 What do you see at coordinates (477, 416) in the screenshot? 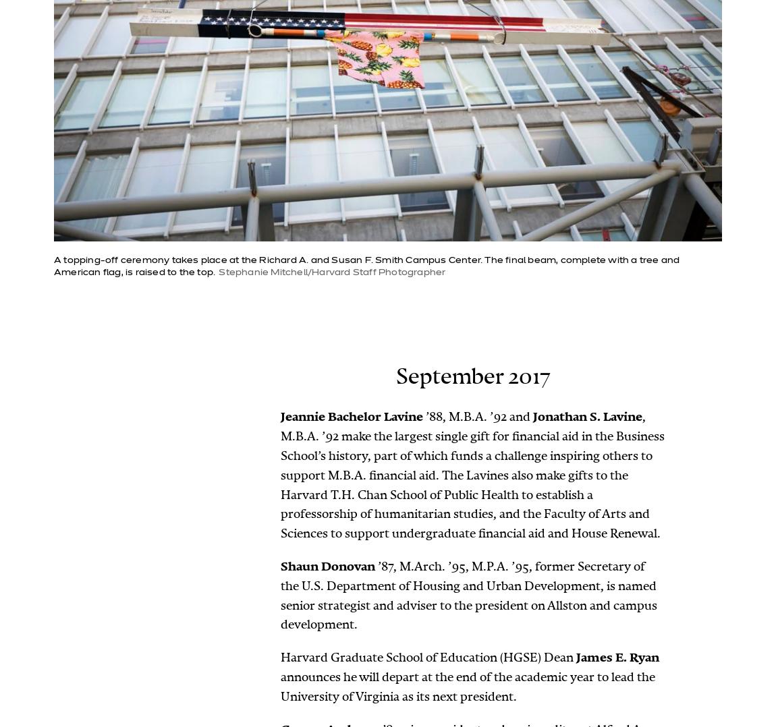
I see `'’88, M.B.A. ’92 and'` at bounding box center [477, 416].